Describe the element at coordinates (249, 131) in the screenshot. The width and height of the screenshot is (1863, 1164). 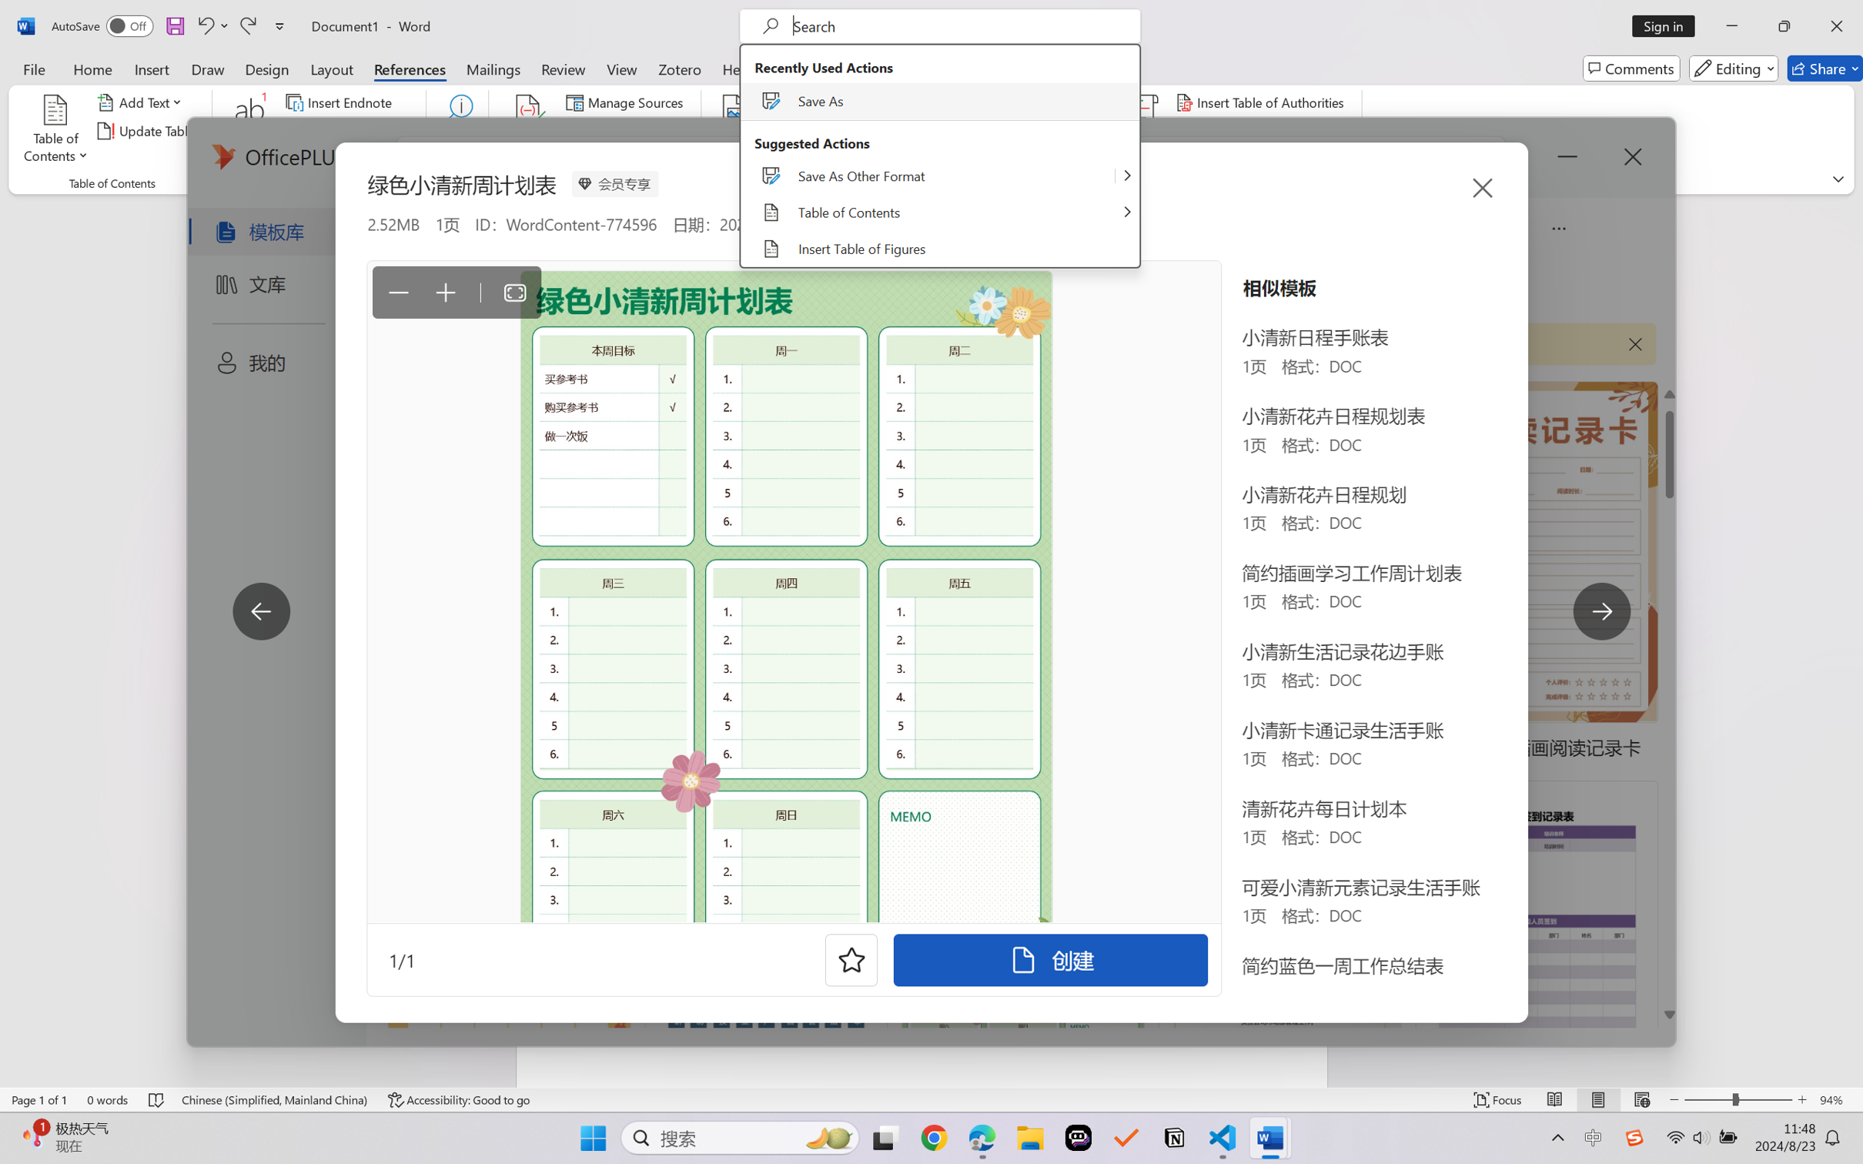
I see `'Insert Footnote'` at that location.